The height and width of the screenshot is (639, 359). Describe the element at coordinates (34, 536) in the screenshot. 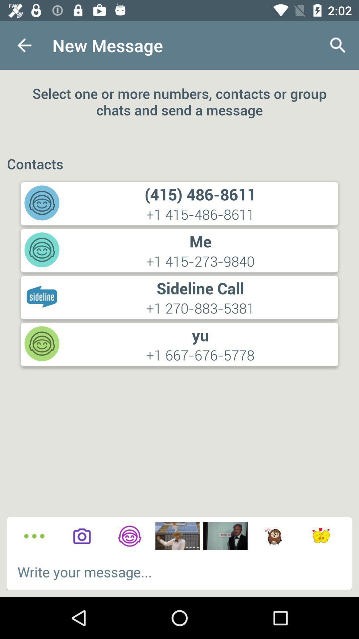

I see `more options to attach to your message` at that location.